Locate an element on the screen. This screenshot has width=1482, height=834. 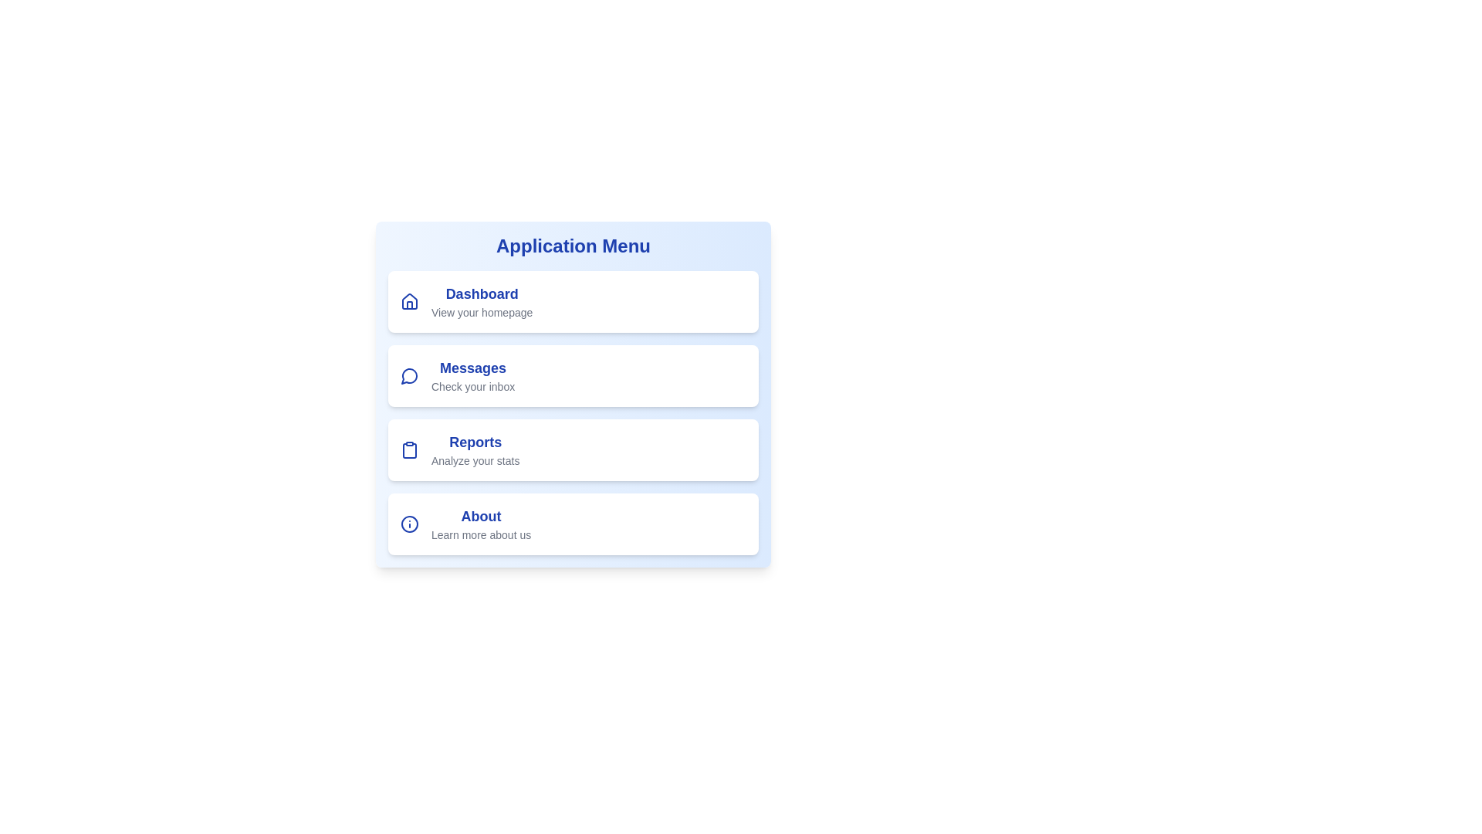
the menu item labeled About to view its hover effect is located at coordinates (573, 523).